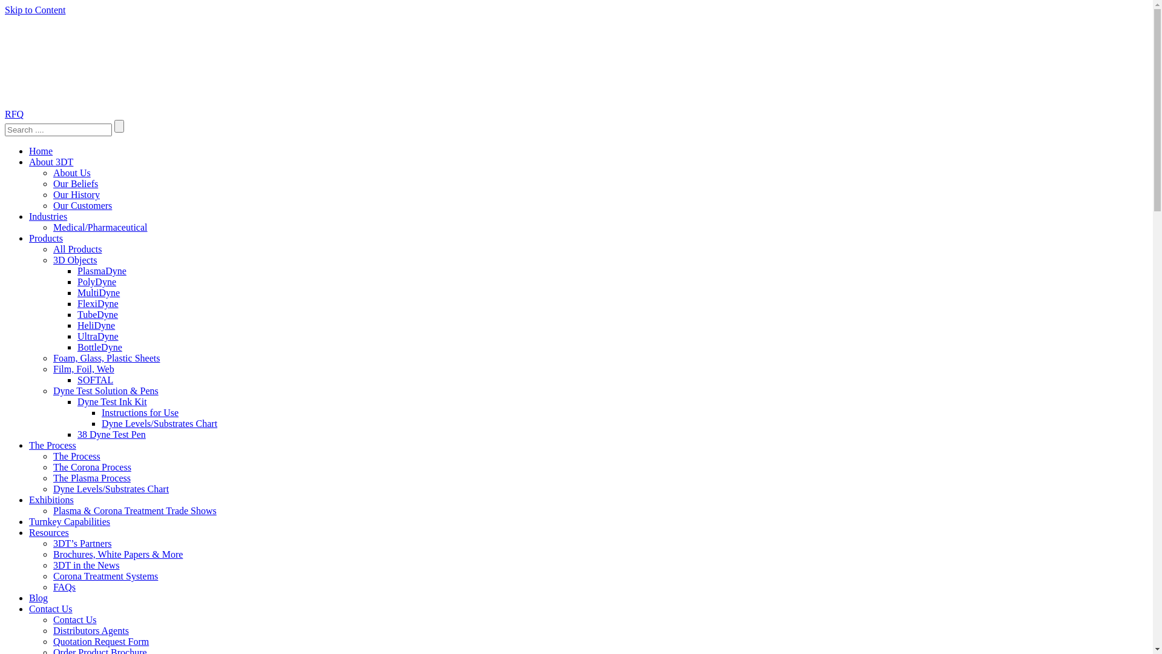 This screenshot has width=1162, height=654. What do you see at coordinates (83, 368) in the screenshot?
I see `'Film, Foil, Web'` at bounding box center [83, 368].